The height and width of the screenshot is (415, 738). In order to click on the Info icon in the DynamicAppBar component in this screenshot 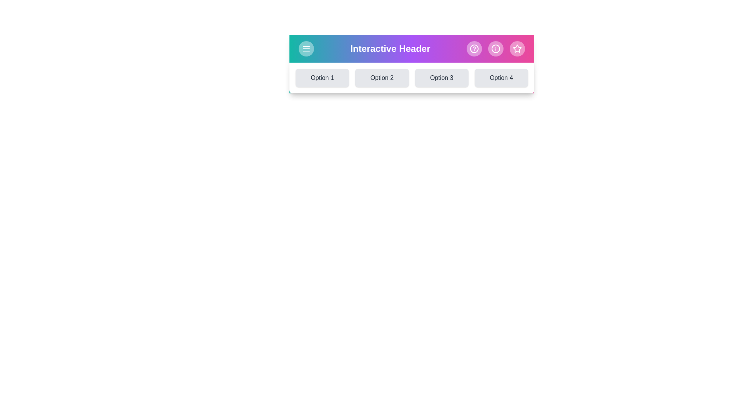, I will do `click(496, 49)`.